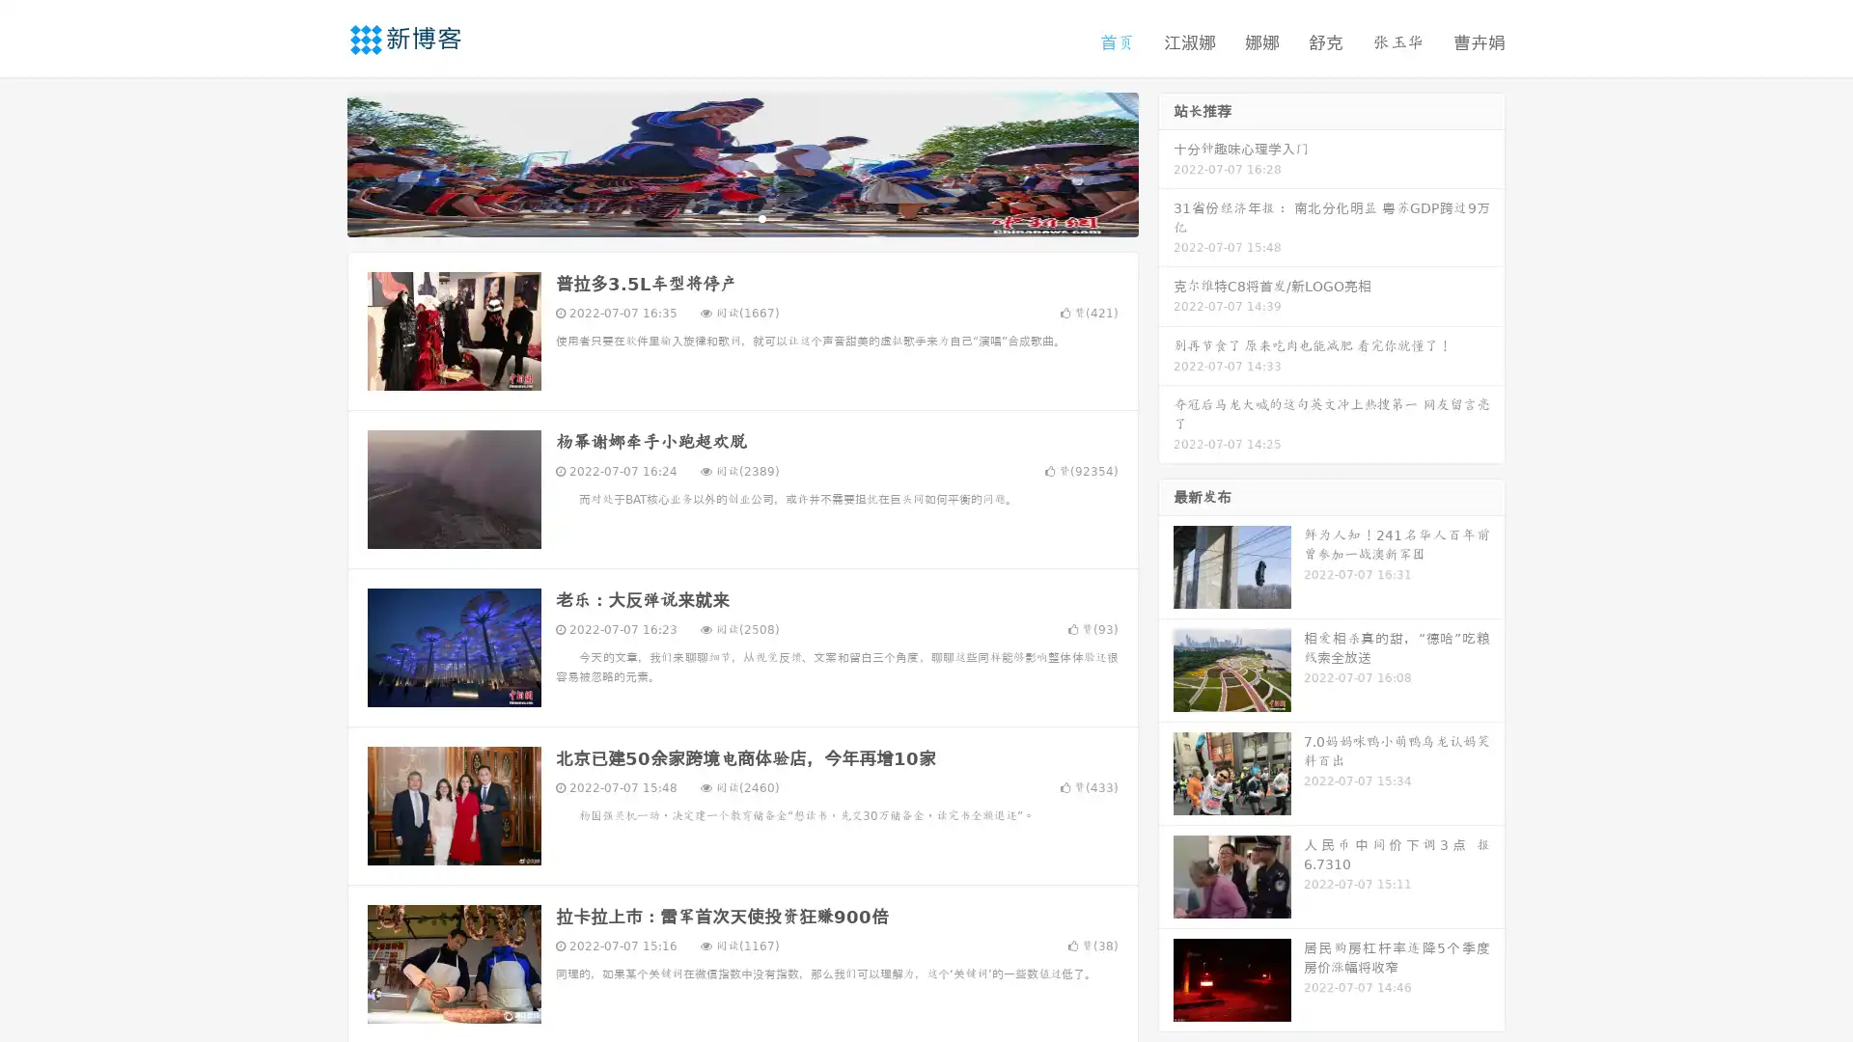 Image resolution: width=1853 pixels, height=1042 pixels. I want to click on Go to slide 1, so click(722, 217).